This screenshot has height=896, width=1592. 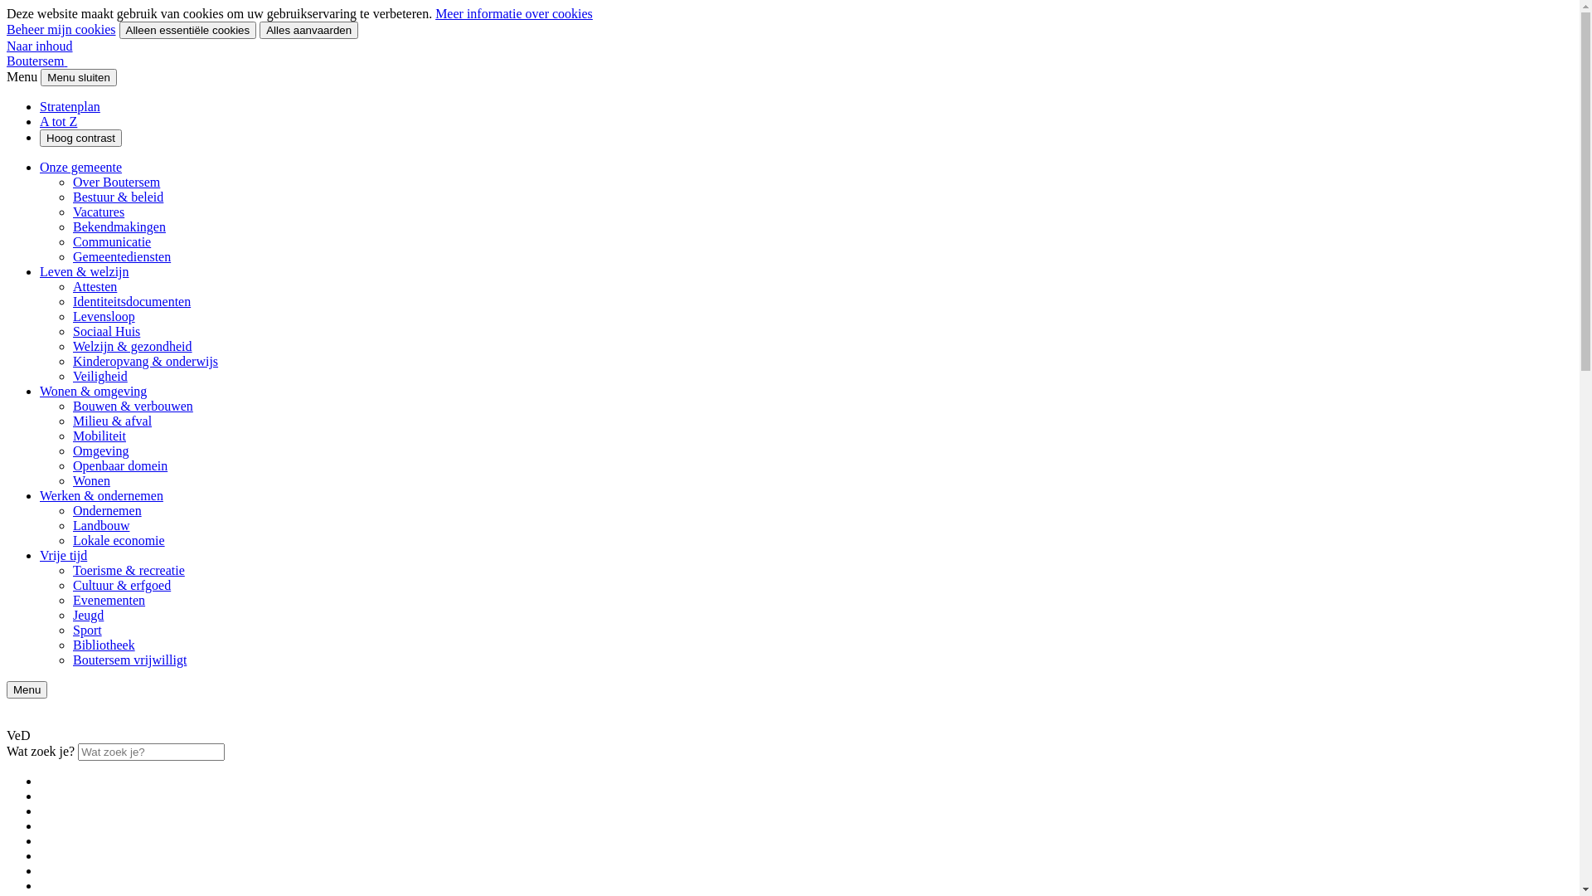 What do you see at coordinates (118, 540) in the screenshot?
I see `'Lokale economie'` at bounding box center [118, 540].